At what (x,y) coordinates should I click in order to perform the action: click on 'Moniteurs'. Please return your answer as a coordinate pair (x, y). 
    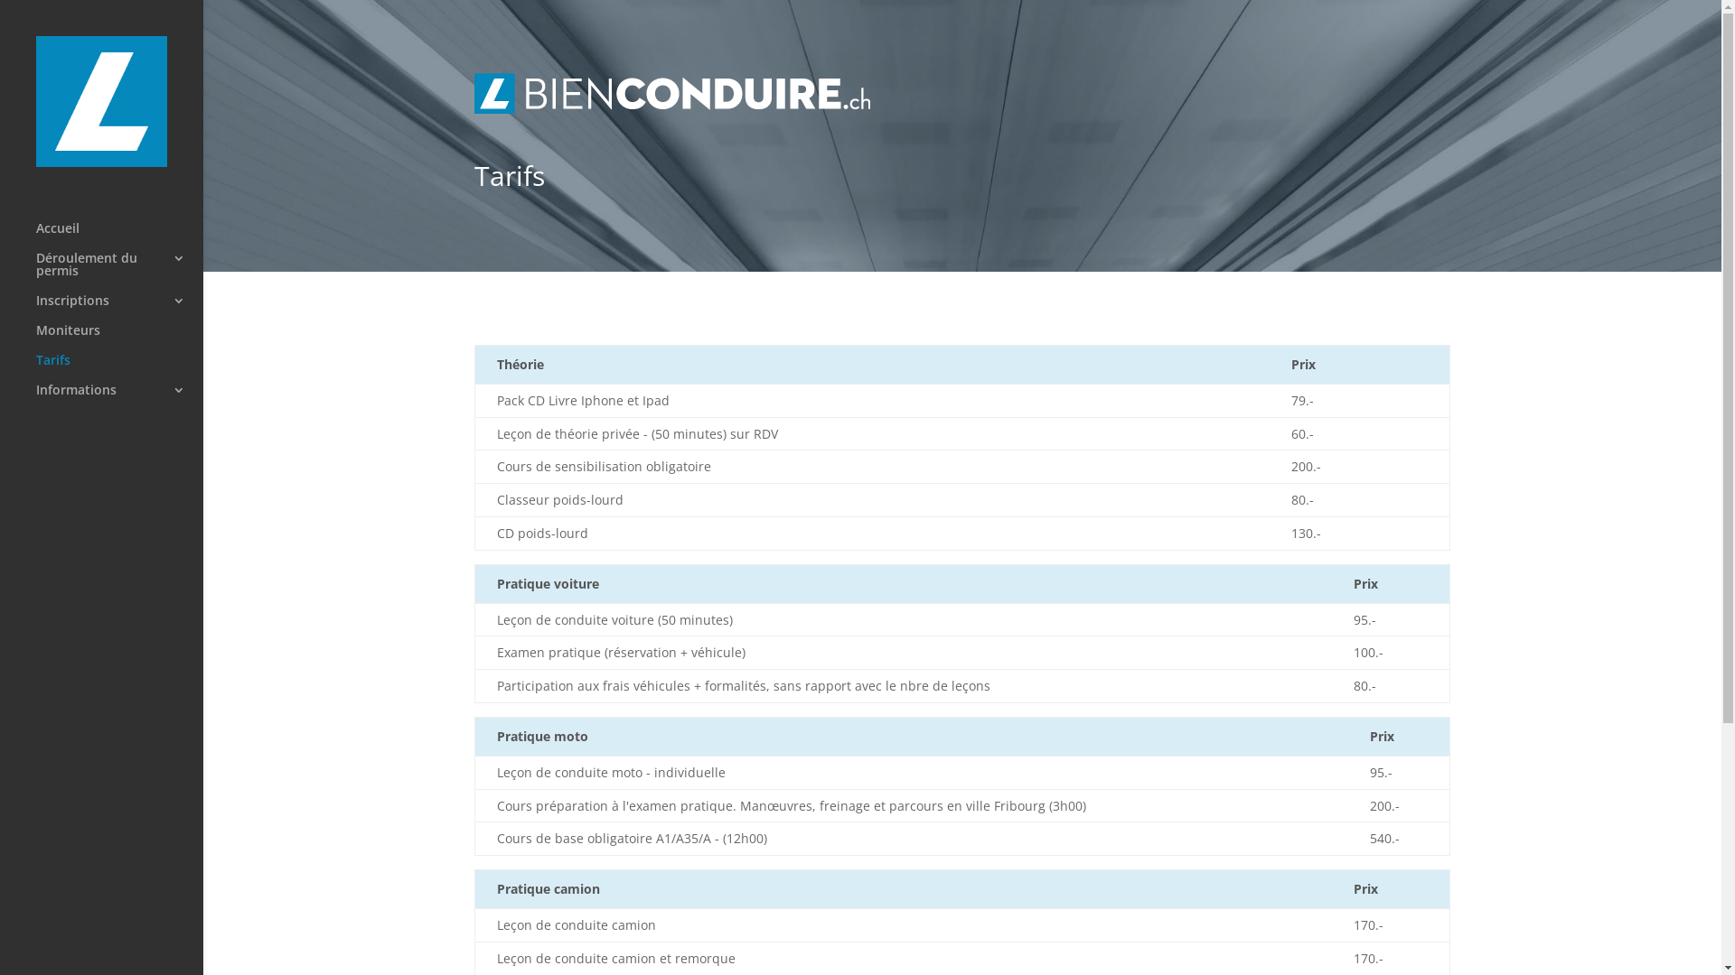
    Looking at the image, I should click on (118, 339).